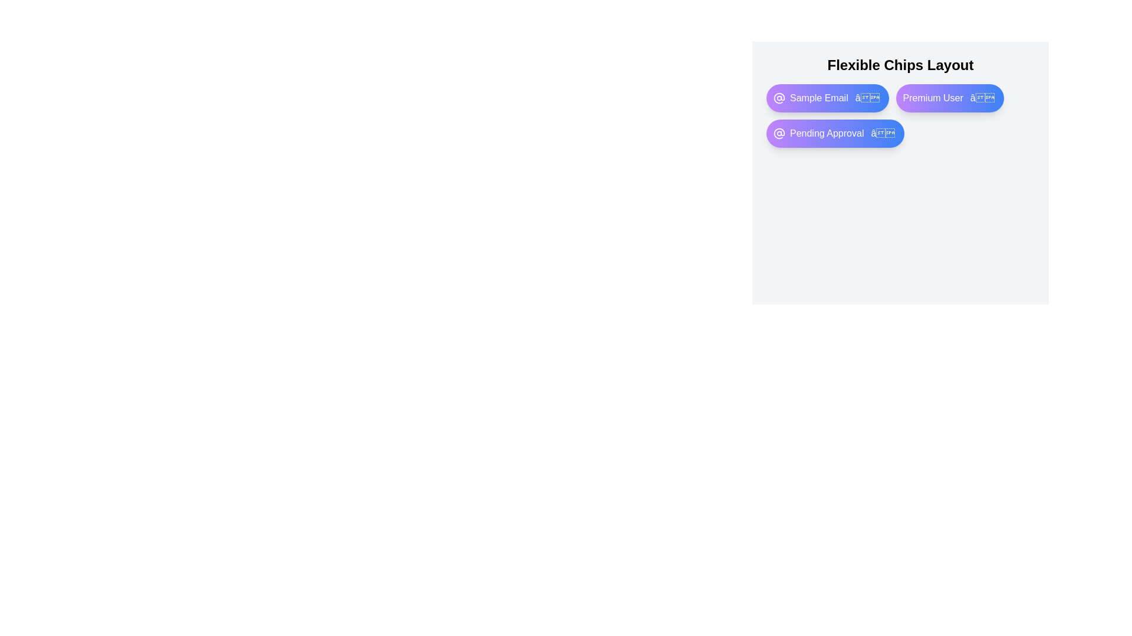 The height and width of the screenshot is (636, 1132). I want to click on the chip labeled 'Sample Email', so click(827, 97).